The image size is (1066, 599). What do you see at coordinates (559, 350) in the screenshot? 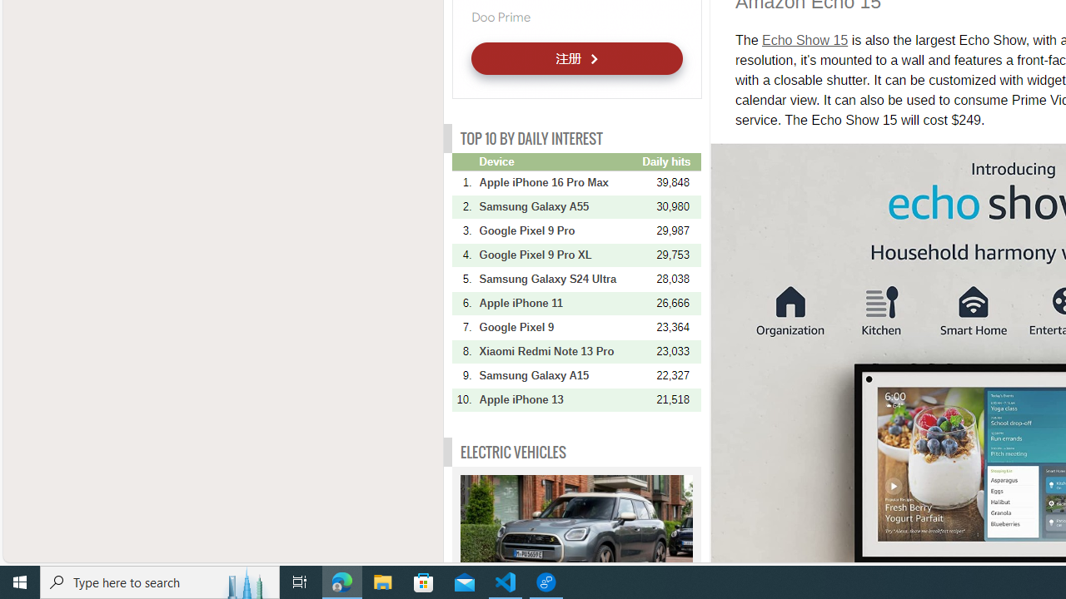
I see `'Xiaomi Redmi Note 13 Pro'` at bounding box center [559, 350].